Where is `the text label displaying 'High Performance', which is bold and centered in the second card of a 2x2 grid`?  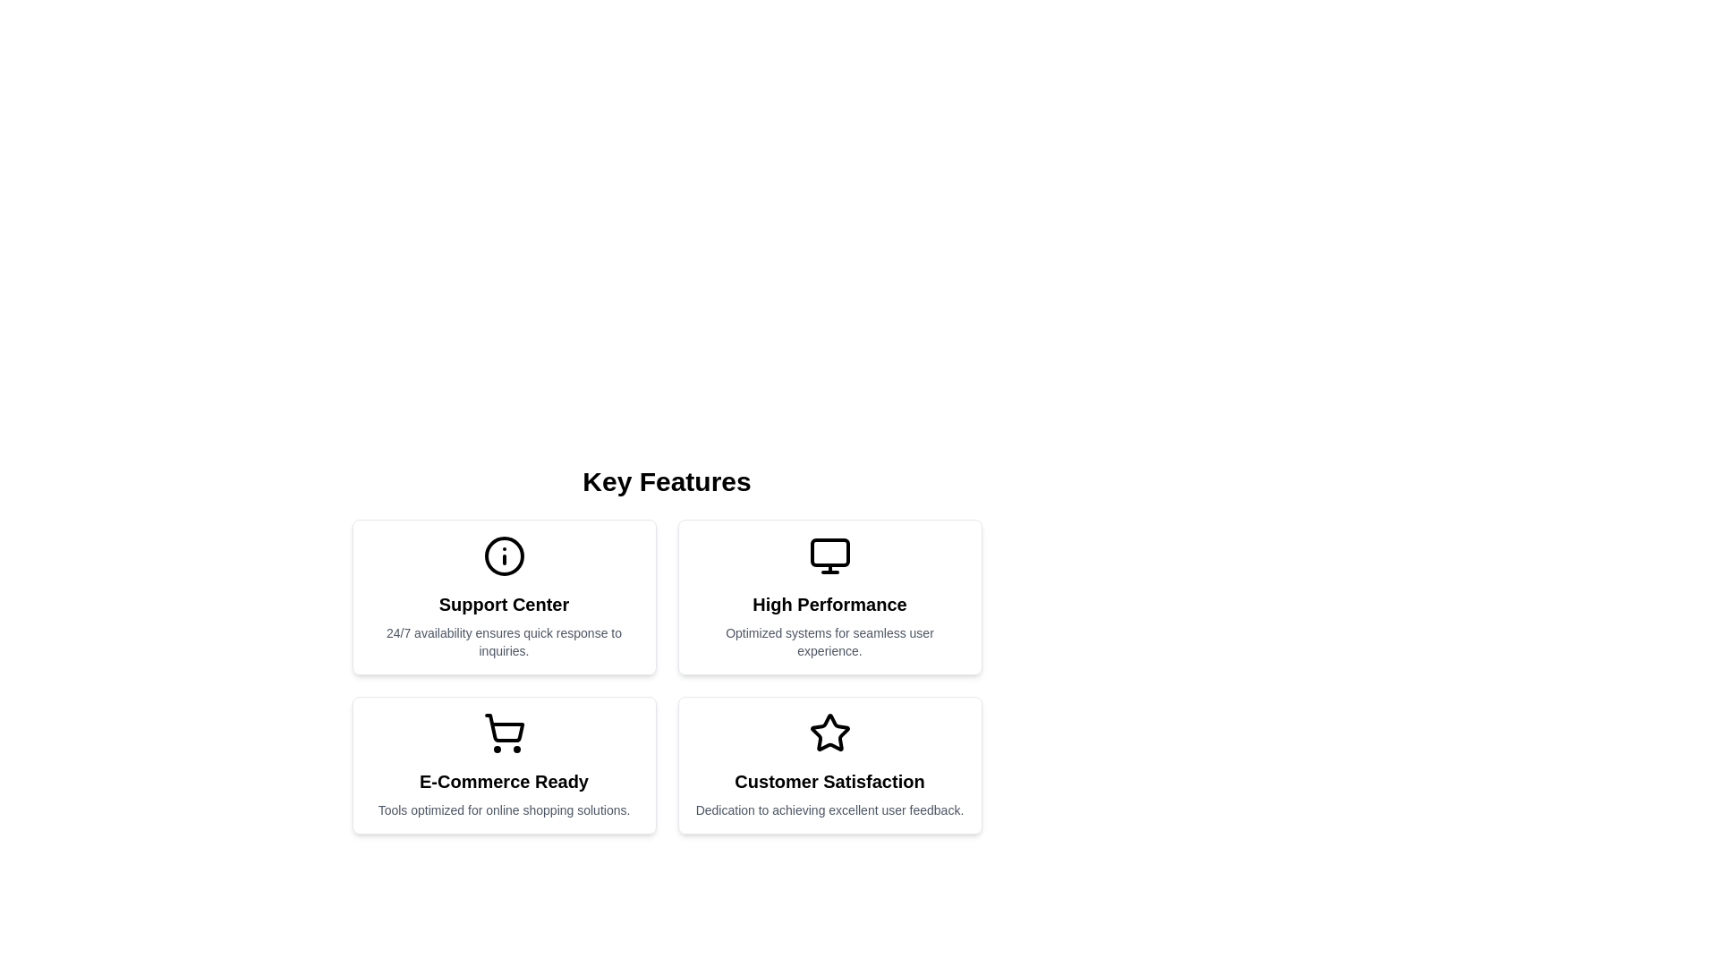 the text label displaying 'High Performance', which is bold and centered in the second card of a 2x2 grid is located at coordinates (829, 604).